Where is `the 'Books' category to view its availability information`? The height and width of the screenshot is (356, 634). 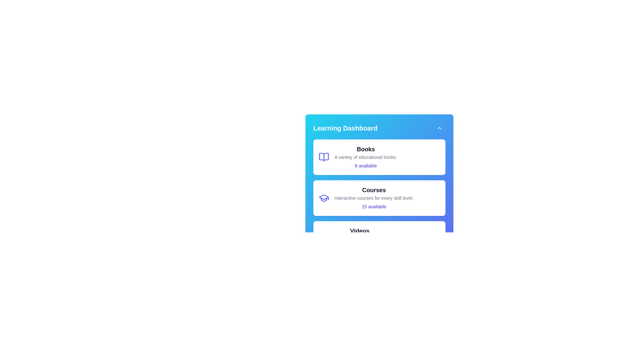 the 'Books' category to view its availability information is located at coordinates (365, 157).